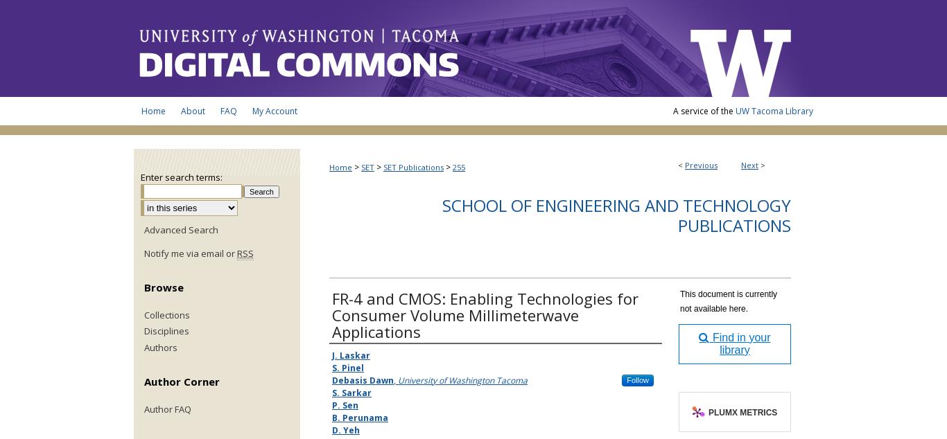 Image resolution: width=947 pixels, height=439 pixels. I want to click on 'Author Corner', so click(144, 379).